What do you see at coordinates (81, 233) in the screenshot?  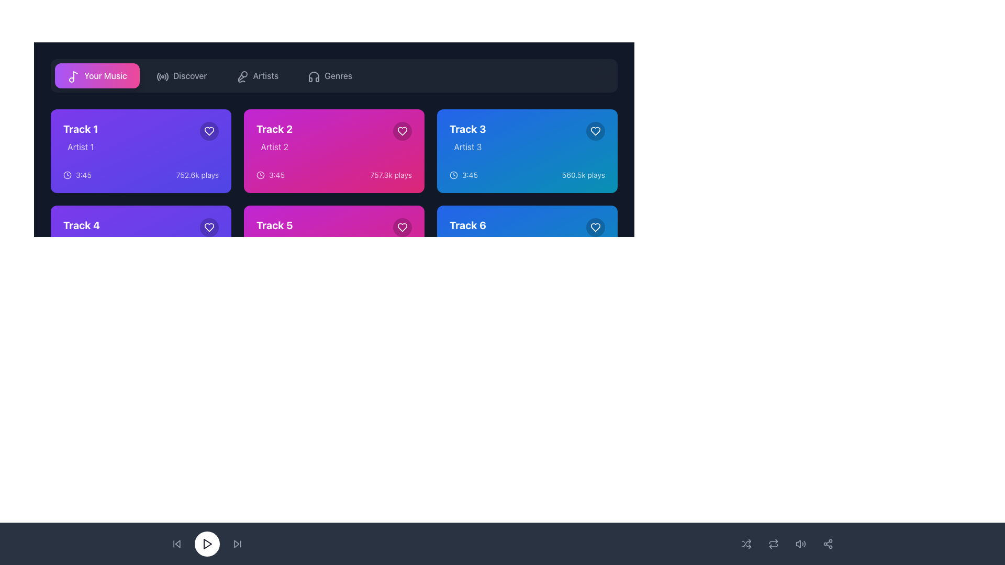 I see `the text label that displays 'Track 4' in bold white text and 'Artist 4' in lighter white color, which is positioned within a purple card design in the bottom-left quadrant of the interface` at bounding box center [81, 233].